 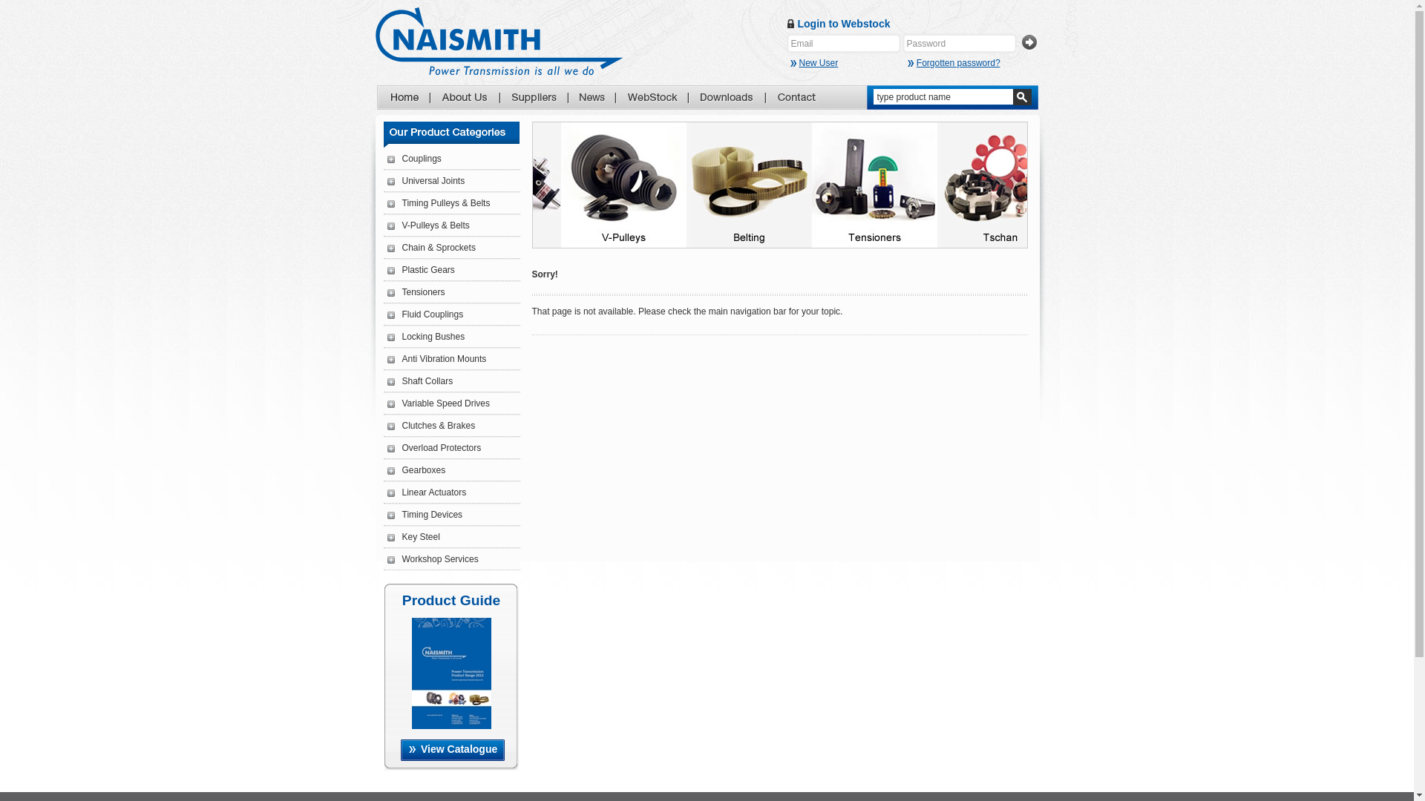 What do you see at coordinates (438, 403) in the screenshot?
I see `'Variable Speed Drives'` at bounding box center [438, 403].